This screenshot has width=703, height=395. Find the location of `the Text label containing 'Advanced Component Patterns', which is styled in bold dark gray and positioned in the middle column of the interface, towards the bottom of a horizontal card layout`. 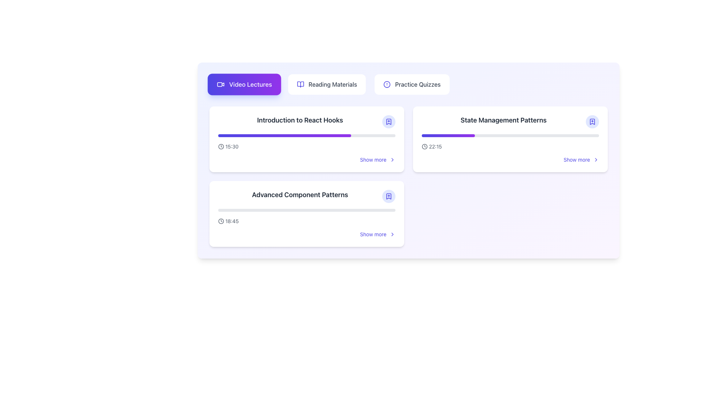

the Text label containing 'Advanced Component Patterns', which is styled in bold dark gray and positioned in the middle column of the interface, towards the bottom of a horizontal card layout is located at coordinates (300, 194).